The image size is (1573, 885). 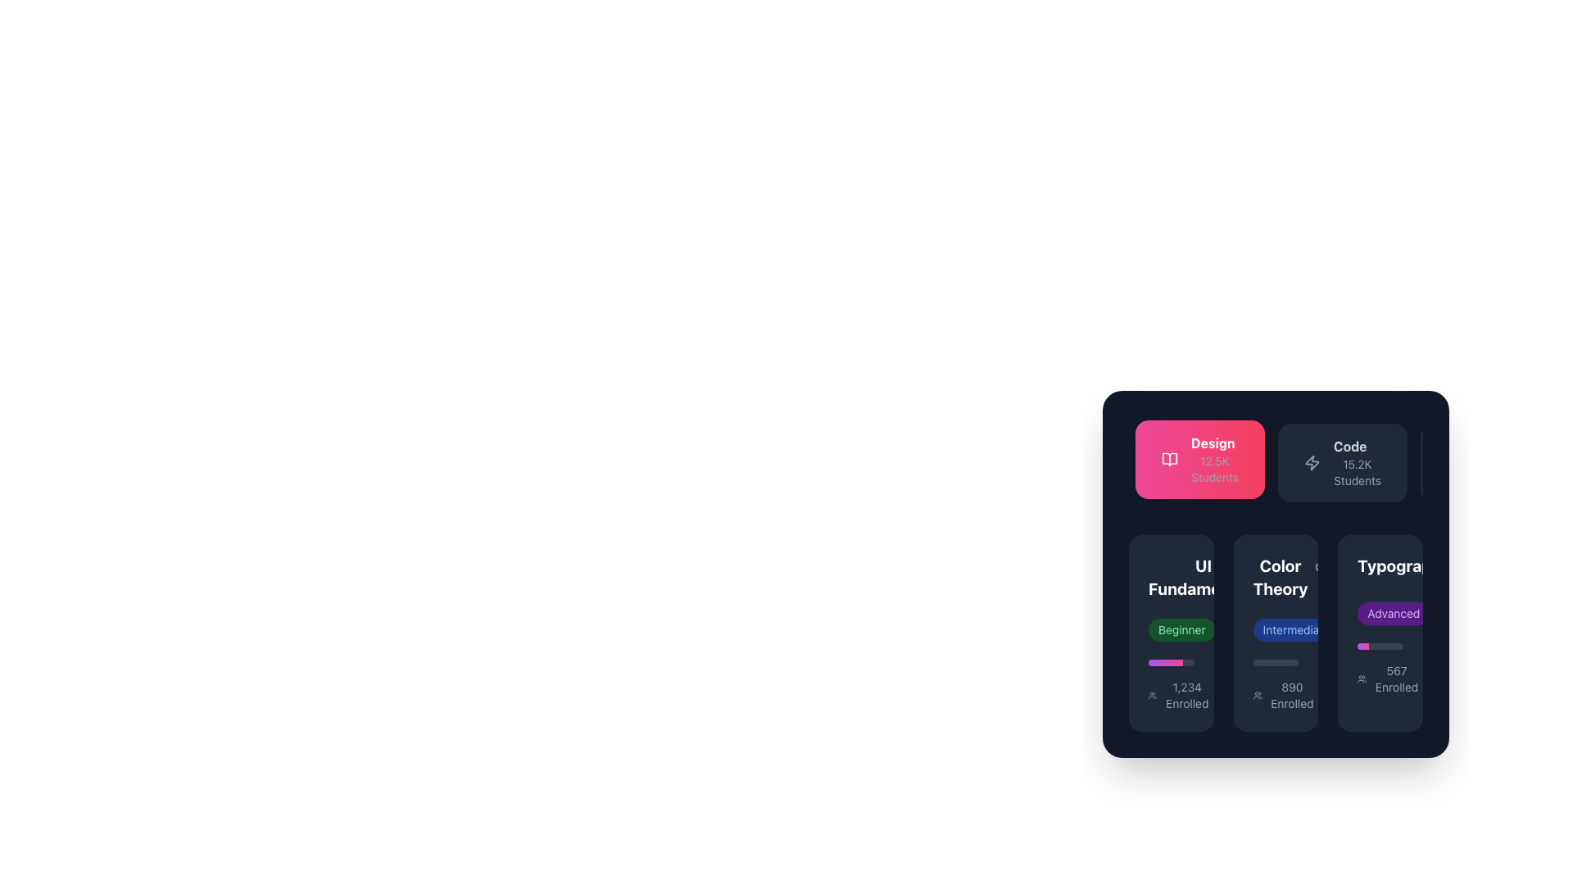 I want to click on the rectangular badge with rounded corners, featuring a purple background and white text that reads 'Advanced', located in the rightmost column of the 'Typography' card, so click(x=1380, y=613).